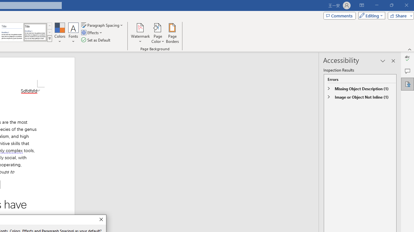 The image size is (414, 232). Describe the element at coordinates (172, 33) in the screenshot. I see `'Page Borders...'` at that location.